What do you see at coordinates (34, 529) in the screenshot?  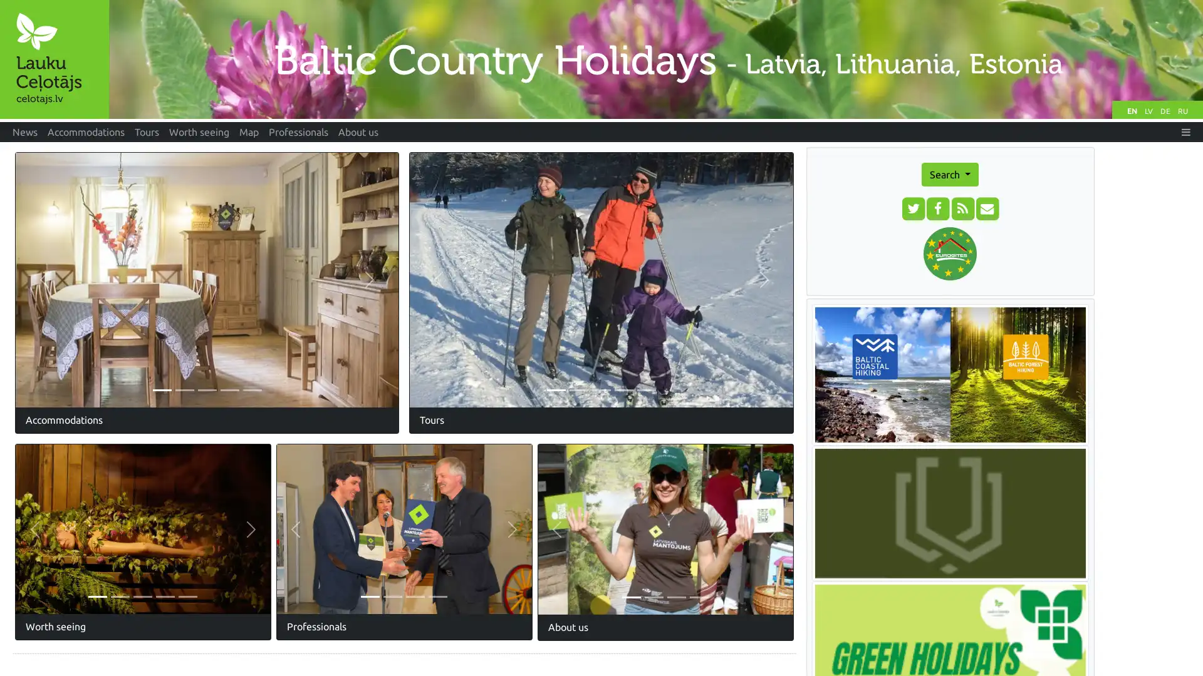 I see `Previous` at bounding box center [34, 529].